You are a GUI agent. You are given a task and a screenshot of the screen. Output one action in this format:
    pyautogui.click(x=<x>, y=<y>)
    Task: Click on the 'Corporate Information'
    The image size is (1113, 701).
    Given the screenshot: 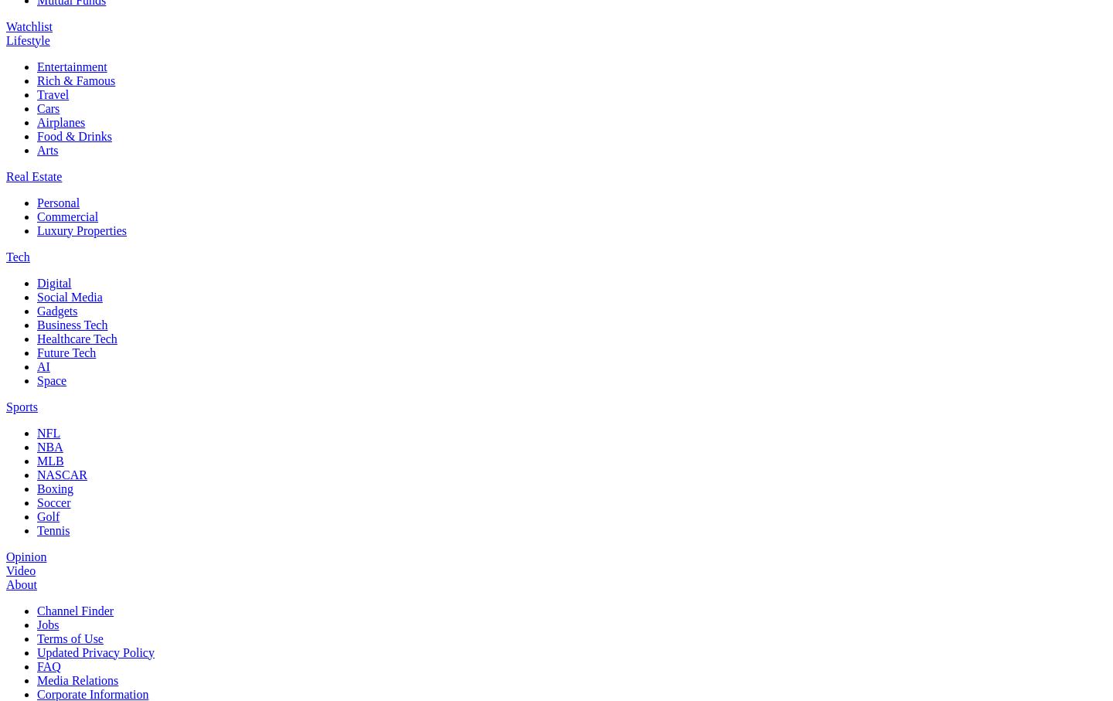 What is the action you would take?
    pyautogui.click(x=92, y=693)
    